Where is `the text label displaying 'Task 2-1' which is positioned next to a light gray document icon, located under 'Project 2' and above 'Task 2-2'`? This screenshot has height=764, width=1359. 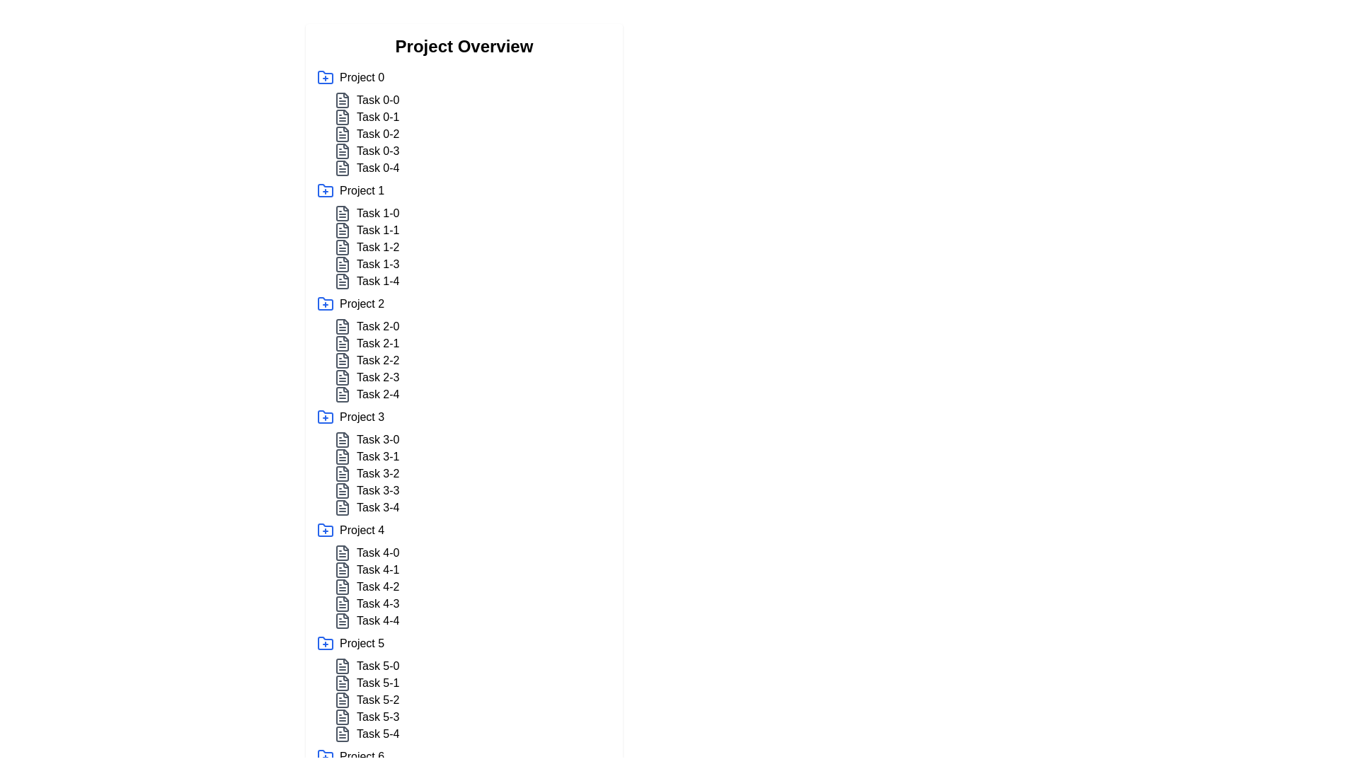 the text label displaying 'Task 2-1' which is positioned next to a light gray document icon, located under 'Project 2' and above 'Task 2-2' is located at coordinates (472, 344).